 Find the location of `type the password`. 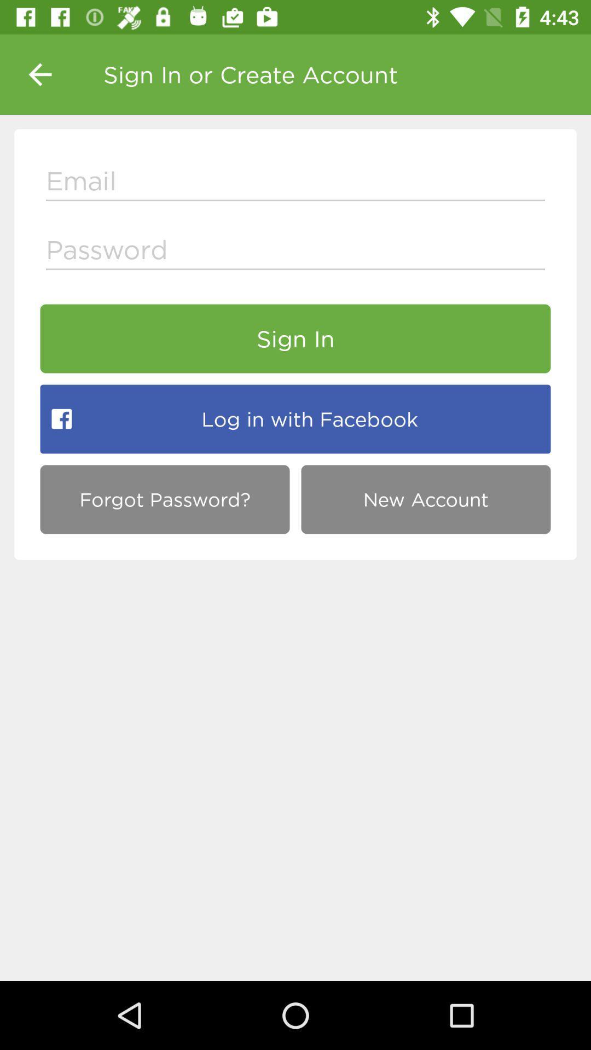

type the password is located at coordinates (296, 252).